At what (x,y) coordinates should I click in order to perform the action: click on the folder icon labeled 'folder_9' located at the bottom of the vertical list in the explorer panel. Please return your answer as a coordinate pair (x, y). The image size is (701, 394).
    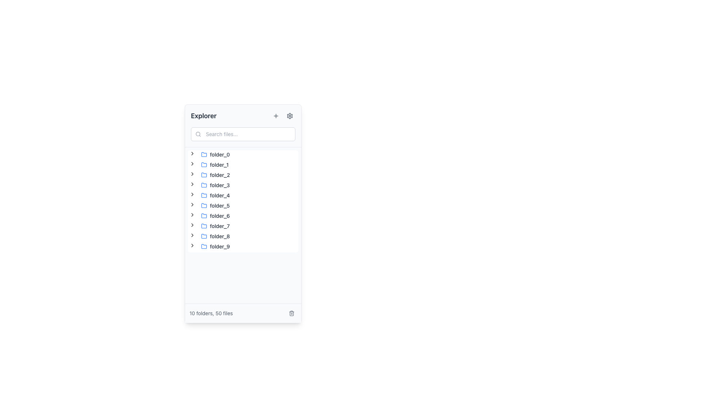
    Looking at the image, I should click on (204, 246).